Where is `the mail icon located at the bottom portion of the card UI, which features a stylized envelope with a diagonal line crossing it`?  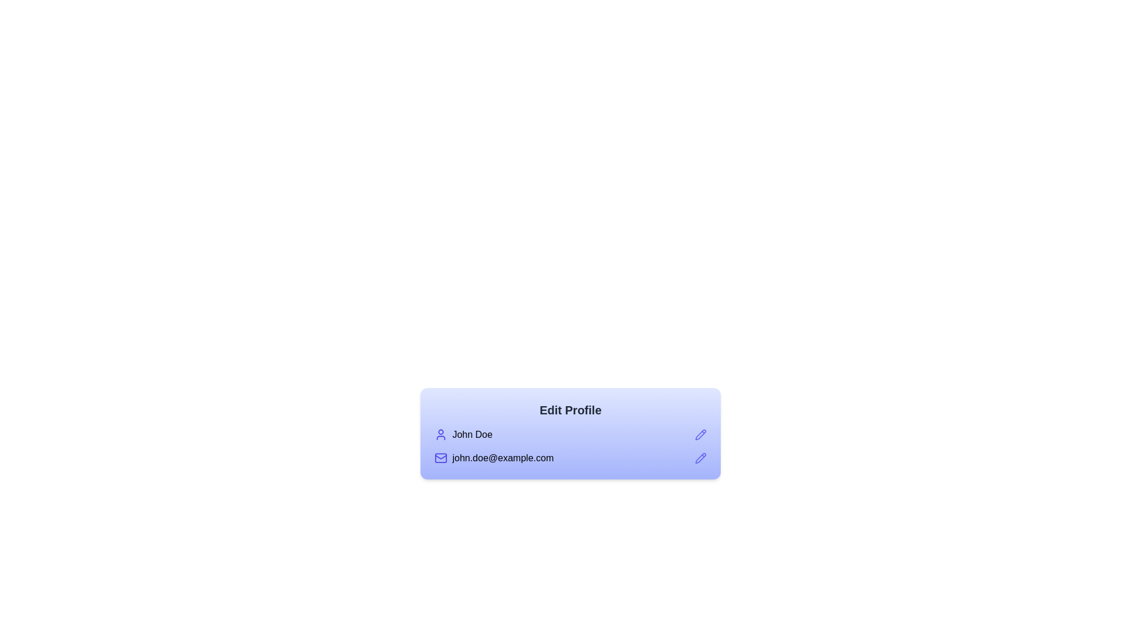
the mail icon located at the bottom portion of the card UI, which features a stylized envelope with a diagonal line crossing it is located at coordinates (440, 457).